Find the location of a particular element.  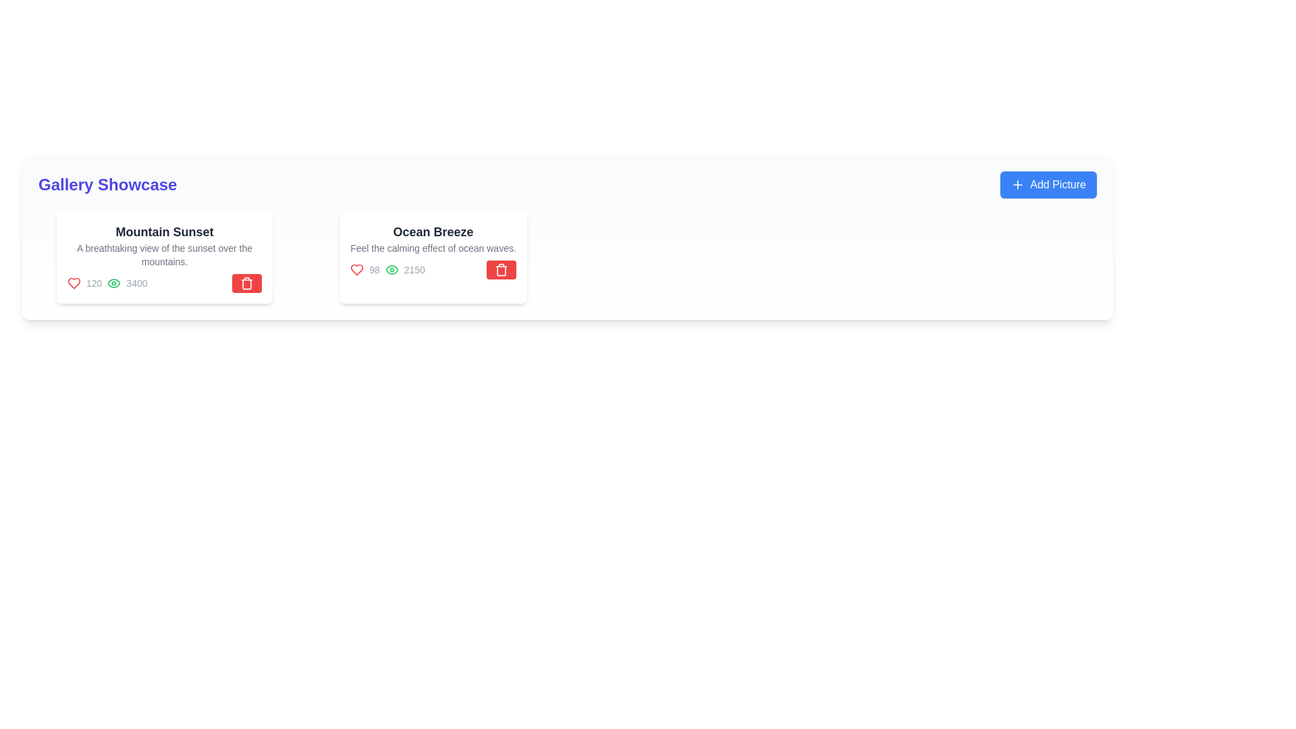

the small rectangular button with a bright red background and a trash can icon located at the bottom right of the 'Mountain Sunset' card to observe the hover effect is located at coordinates (246, 283).